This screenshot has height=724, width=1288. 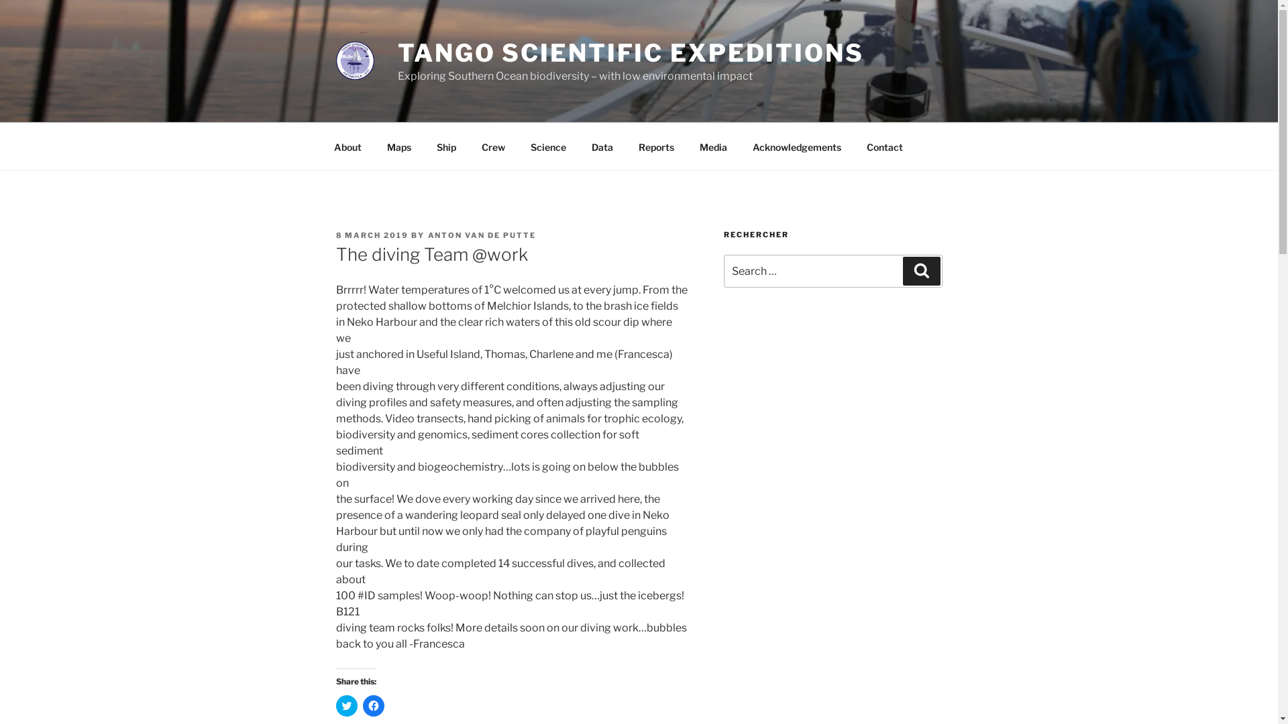 What do you see at coordinates (482, 235) in the screenshot?
I see `'ANTON VAN DE PUTTE'` at bounding box center [482, 235].